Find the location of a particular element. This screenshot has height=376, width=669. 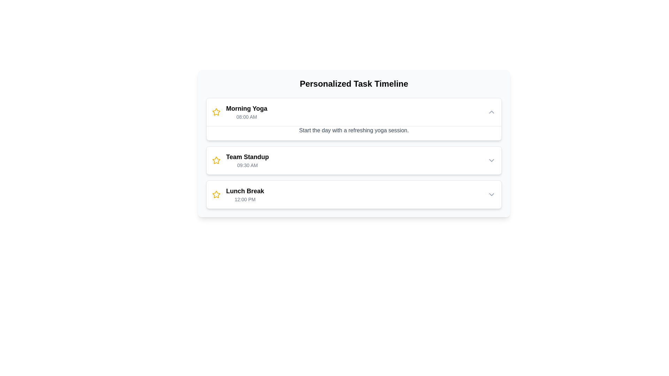

the star-shaped icon indicating favorites for the 'Team Standup' task is located at coordinates (216, 160).